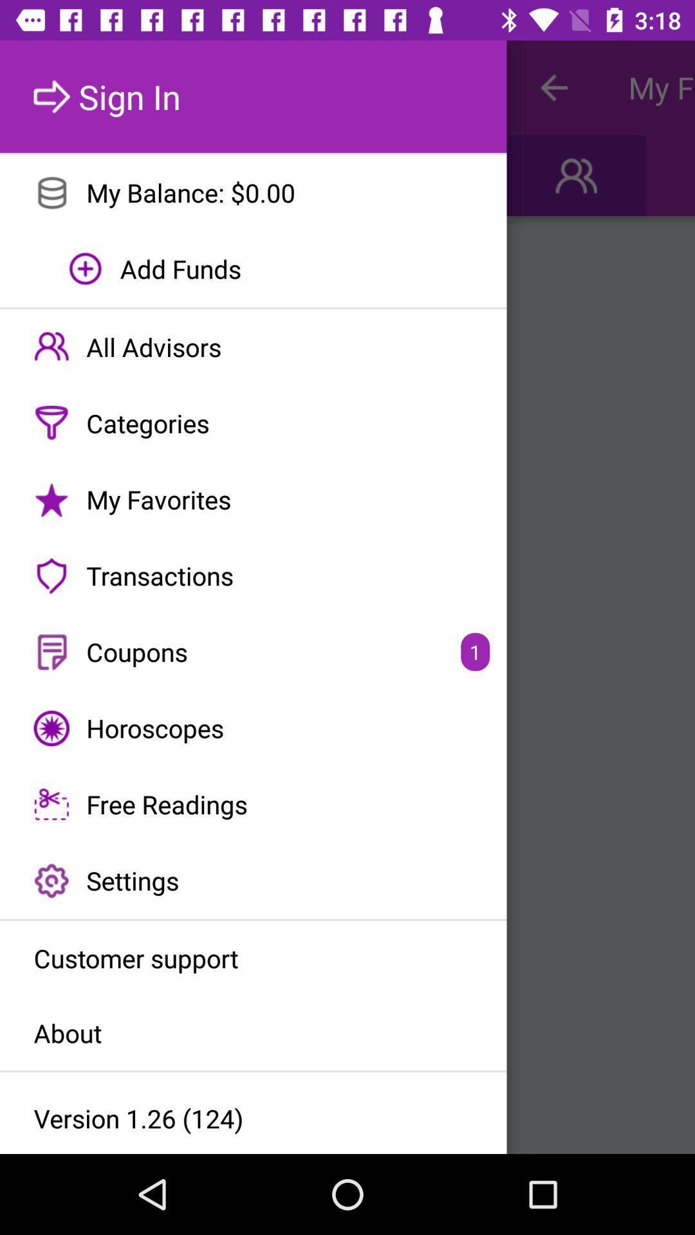 The width and height of the screenshot is (695, 1235). What do you see at coordinates (253, 728) in the screenshot?
I see `icon above the free readings item` at bounding box center [253, 728].